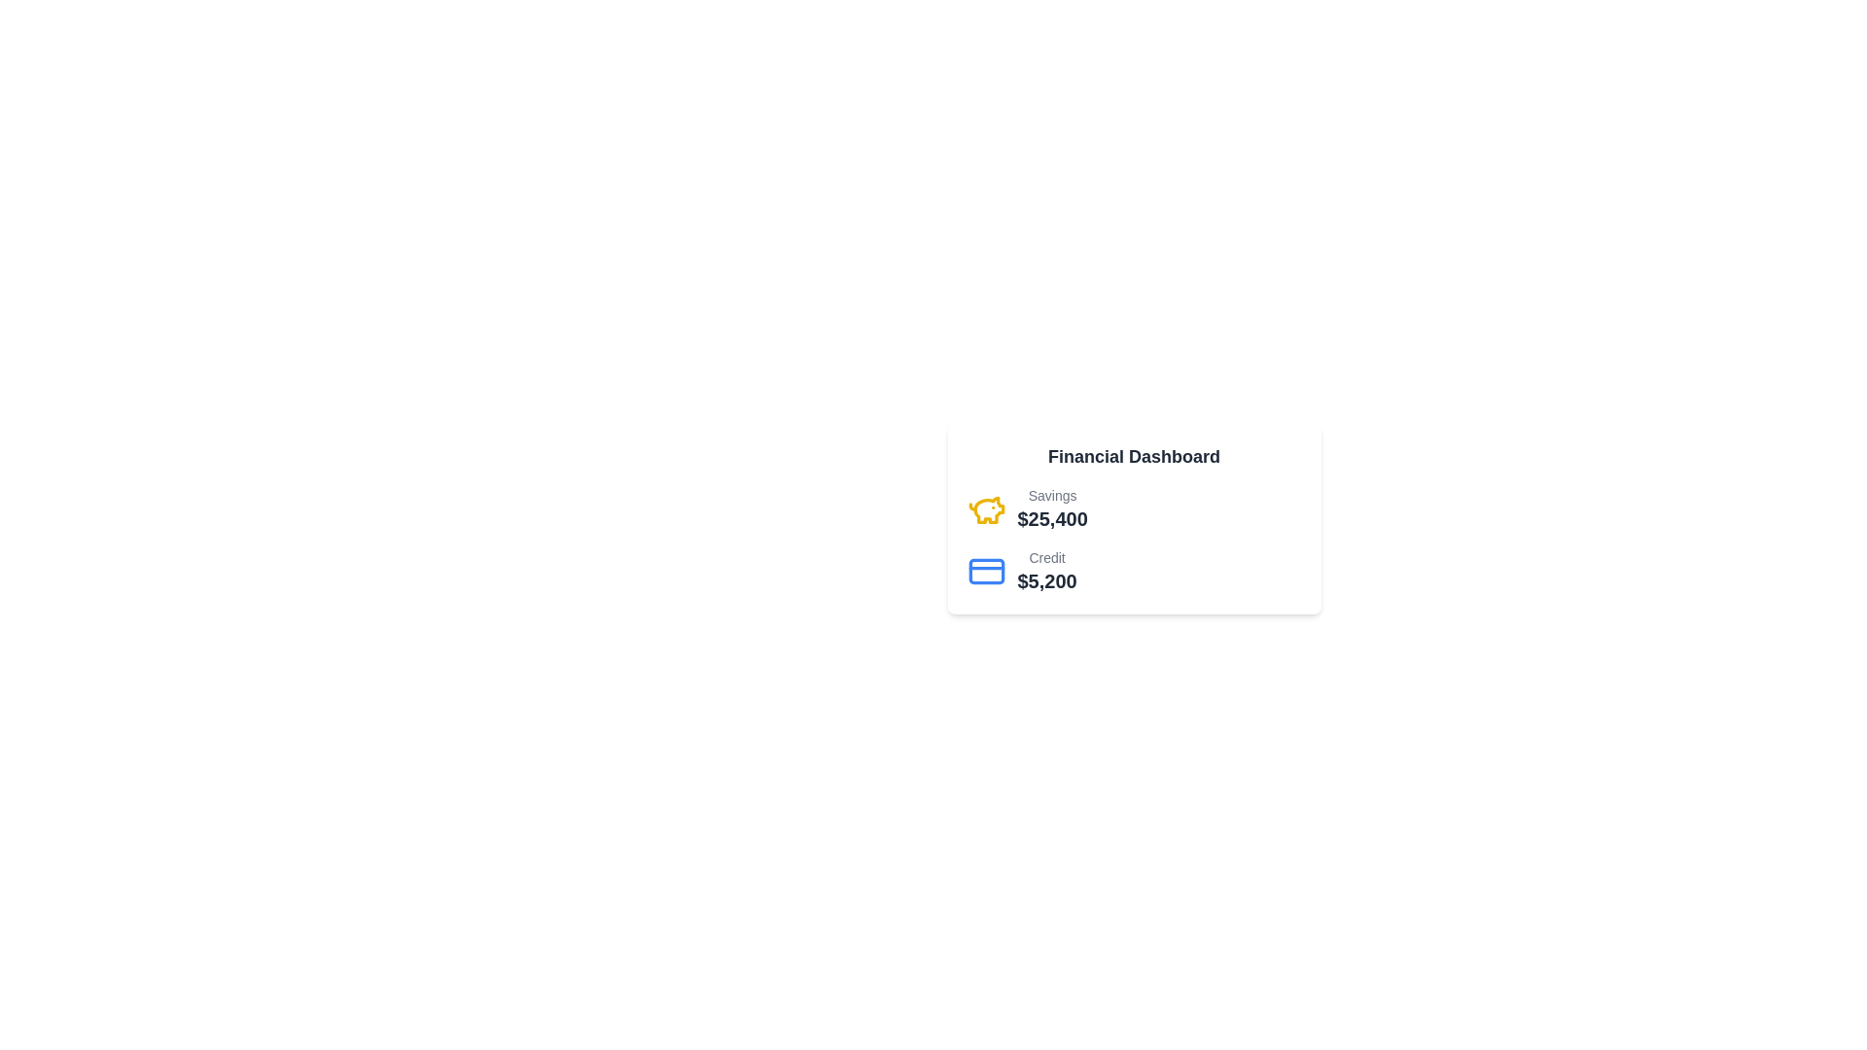 Image resolution: width=1867 pixels, height=1050 pixels. I want to click on credit value displayed next to the blue credit card icon in the Financial Dashboard, which shows '$5,200', so click(1021, 570).